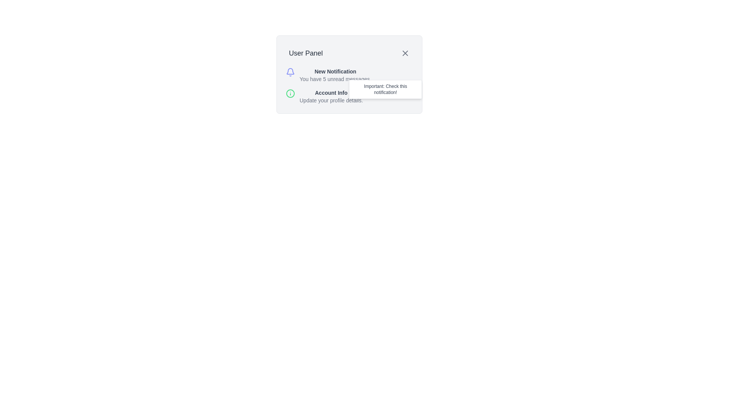 Image resolution: width=730 pixels, height=411 pixels. I want to click on the static text display component that informs the user about current notifications, located centrally within the notification panel, directly below the bell icon and above 'Account Info', so click(335, 75).